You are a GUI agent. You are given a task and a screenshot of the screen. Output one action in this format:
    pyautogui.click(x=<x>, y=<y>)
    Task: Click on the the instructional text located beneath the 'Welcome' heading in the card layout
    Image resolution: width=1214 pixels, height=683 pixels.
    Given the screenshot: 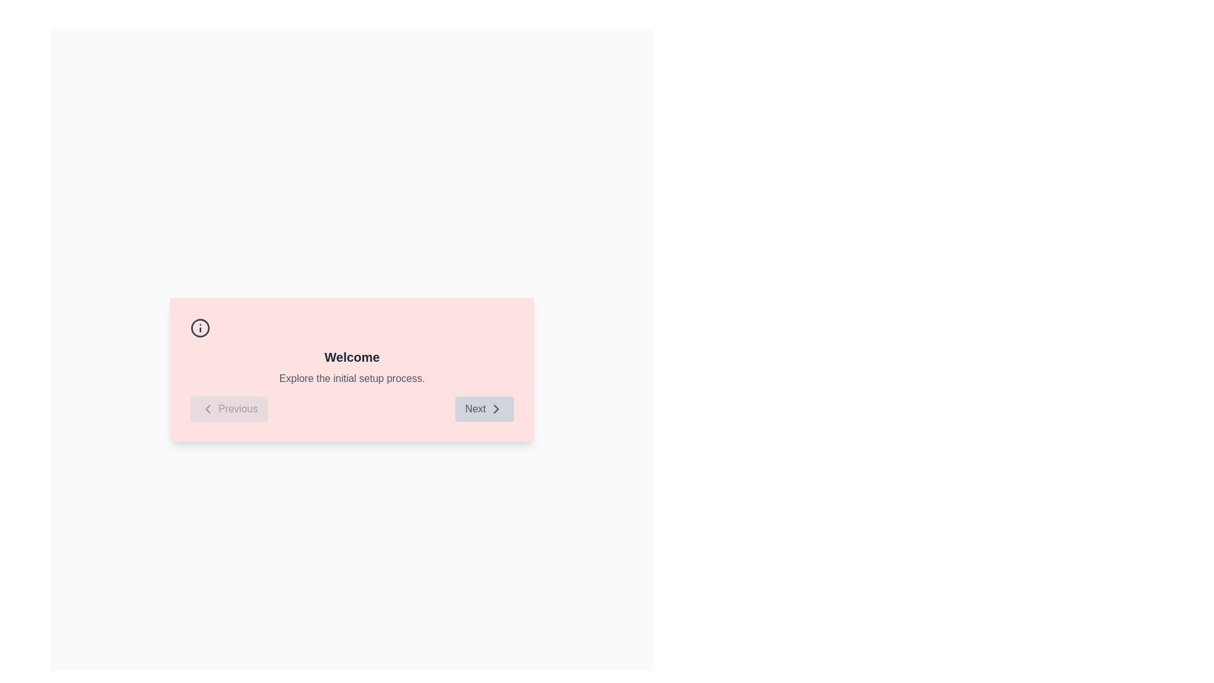 What is the action you would take?
    pyautogui.click(x=352, y=377)
    